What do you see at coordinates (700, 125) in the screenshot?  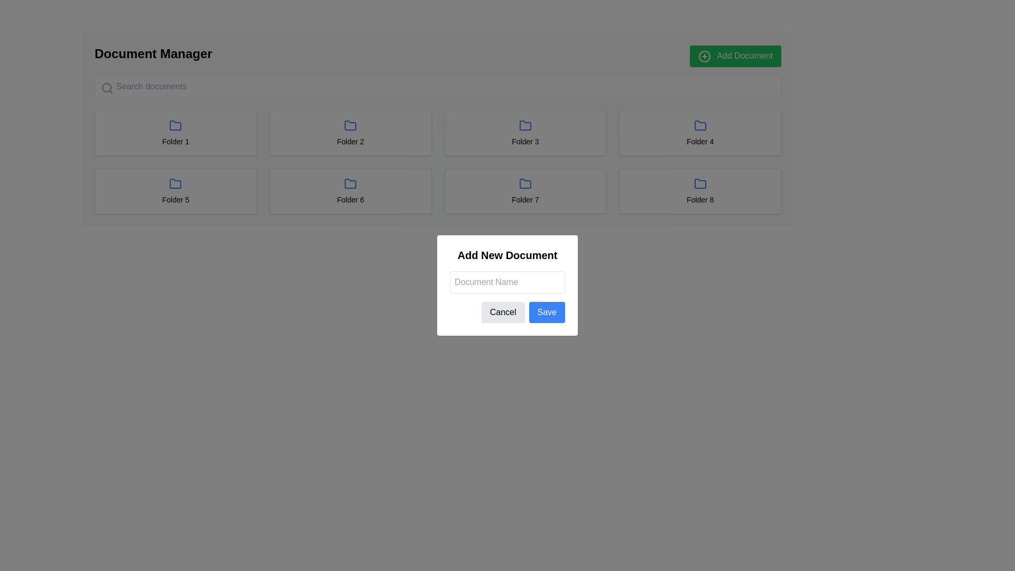 I see `the blue folder icon representing 'Folder 4' located` at bounding box center [700, 125].